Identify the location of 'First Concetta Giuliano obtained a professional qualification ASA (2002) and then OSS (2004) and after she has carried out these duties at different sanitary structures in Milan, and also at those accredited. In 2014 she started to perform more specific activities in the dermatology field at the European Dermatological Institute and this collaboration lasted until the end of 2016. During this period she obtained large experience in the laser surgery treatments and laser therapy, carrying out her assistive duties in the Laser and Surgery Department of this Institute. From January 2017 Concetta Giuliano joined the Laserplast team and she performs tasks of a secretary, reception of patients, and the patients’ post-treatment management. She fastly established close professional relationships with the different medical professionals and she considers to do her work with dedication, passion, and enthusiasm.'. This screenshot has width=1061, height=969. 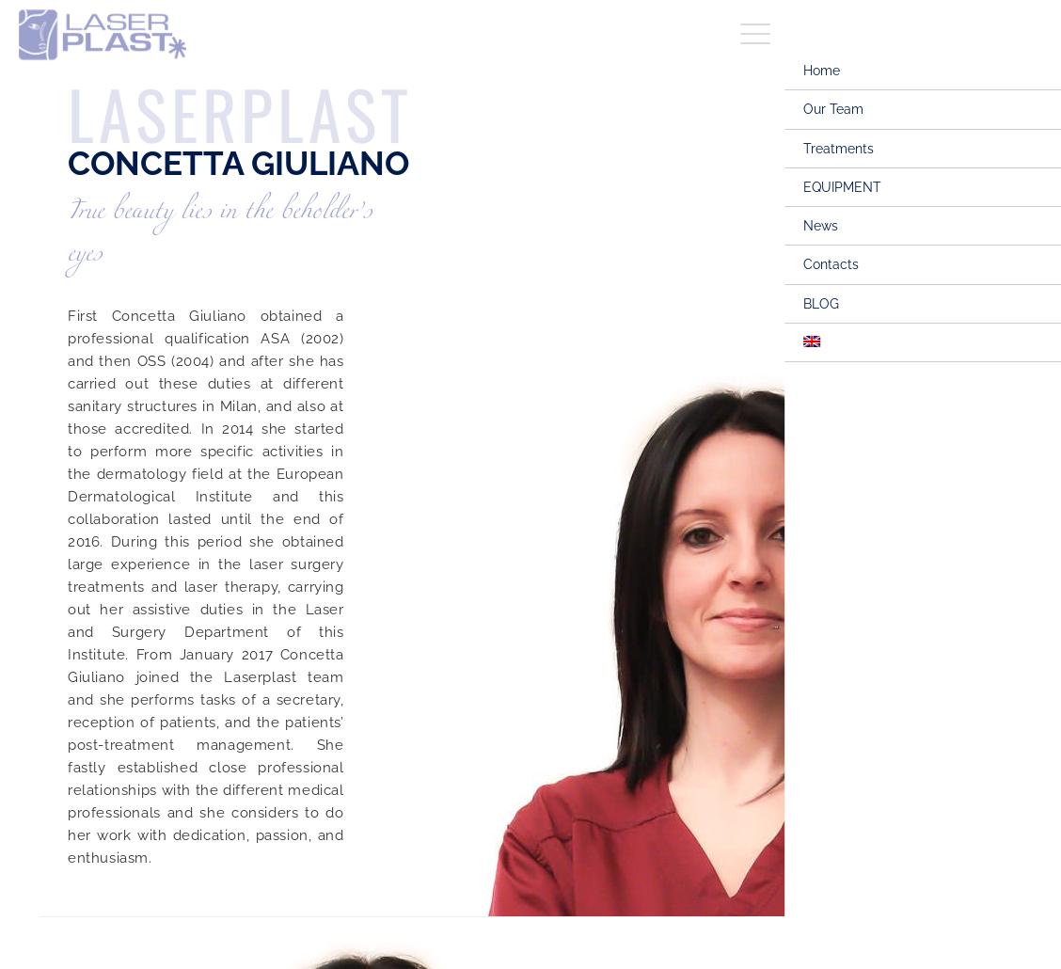
(205, 585).